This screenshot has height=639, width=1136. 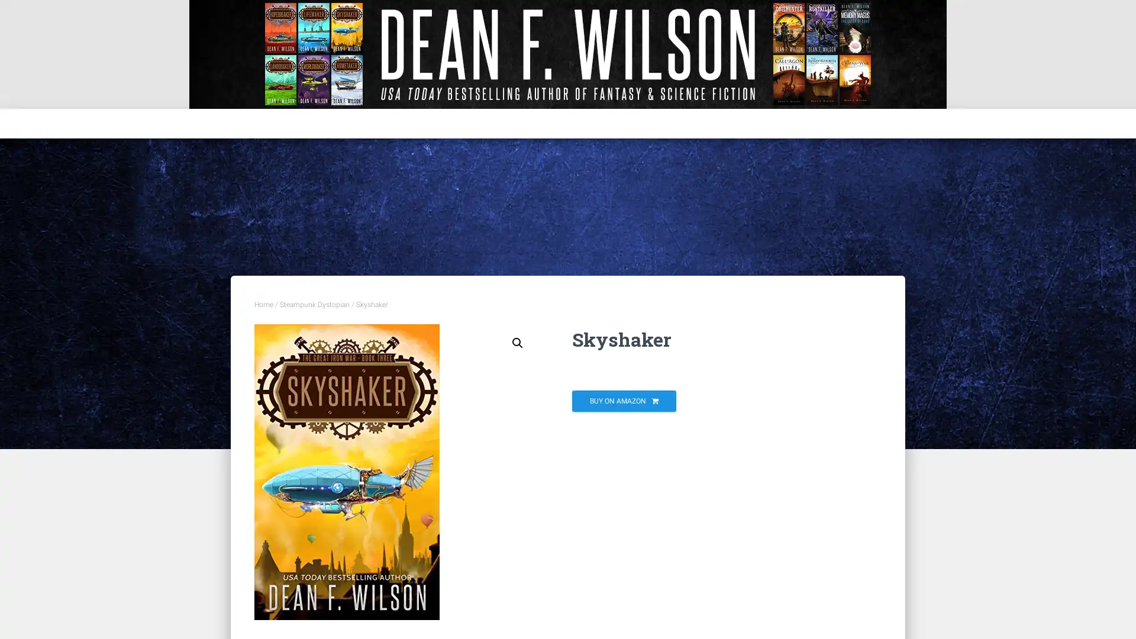 What do you see at coordinates (624, 401) in the screenshot?
I see `BUY ON AMAZON` at bounding box center [624, 401].